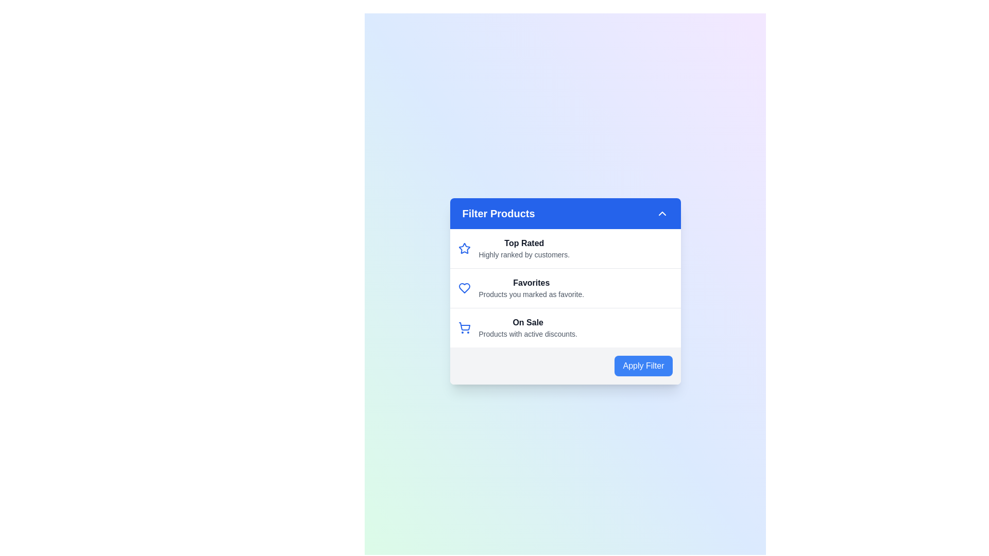  I want to click on expand/collapse button to toggle the visibility of the filter menu, so click(662, 213).